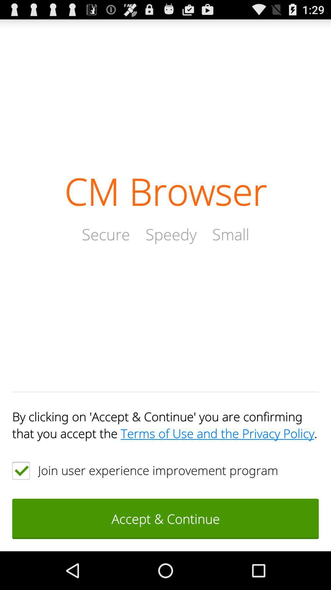 The width and height of the screenshot is (331, 590). What do you see at coordinates (21, 470) in the screenshot?
I see `checkbox at the bottom left corner` at bounding box center [21, 470].